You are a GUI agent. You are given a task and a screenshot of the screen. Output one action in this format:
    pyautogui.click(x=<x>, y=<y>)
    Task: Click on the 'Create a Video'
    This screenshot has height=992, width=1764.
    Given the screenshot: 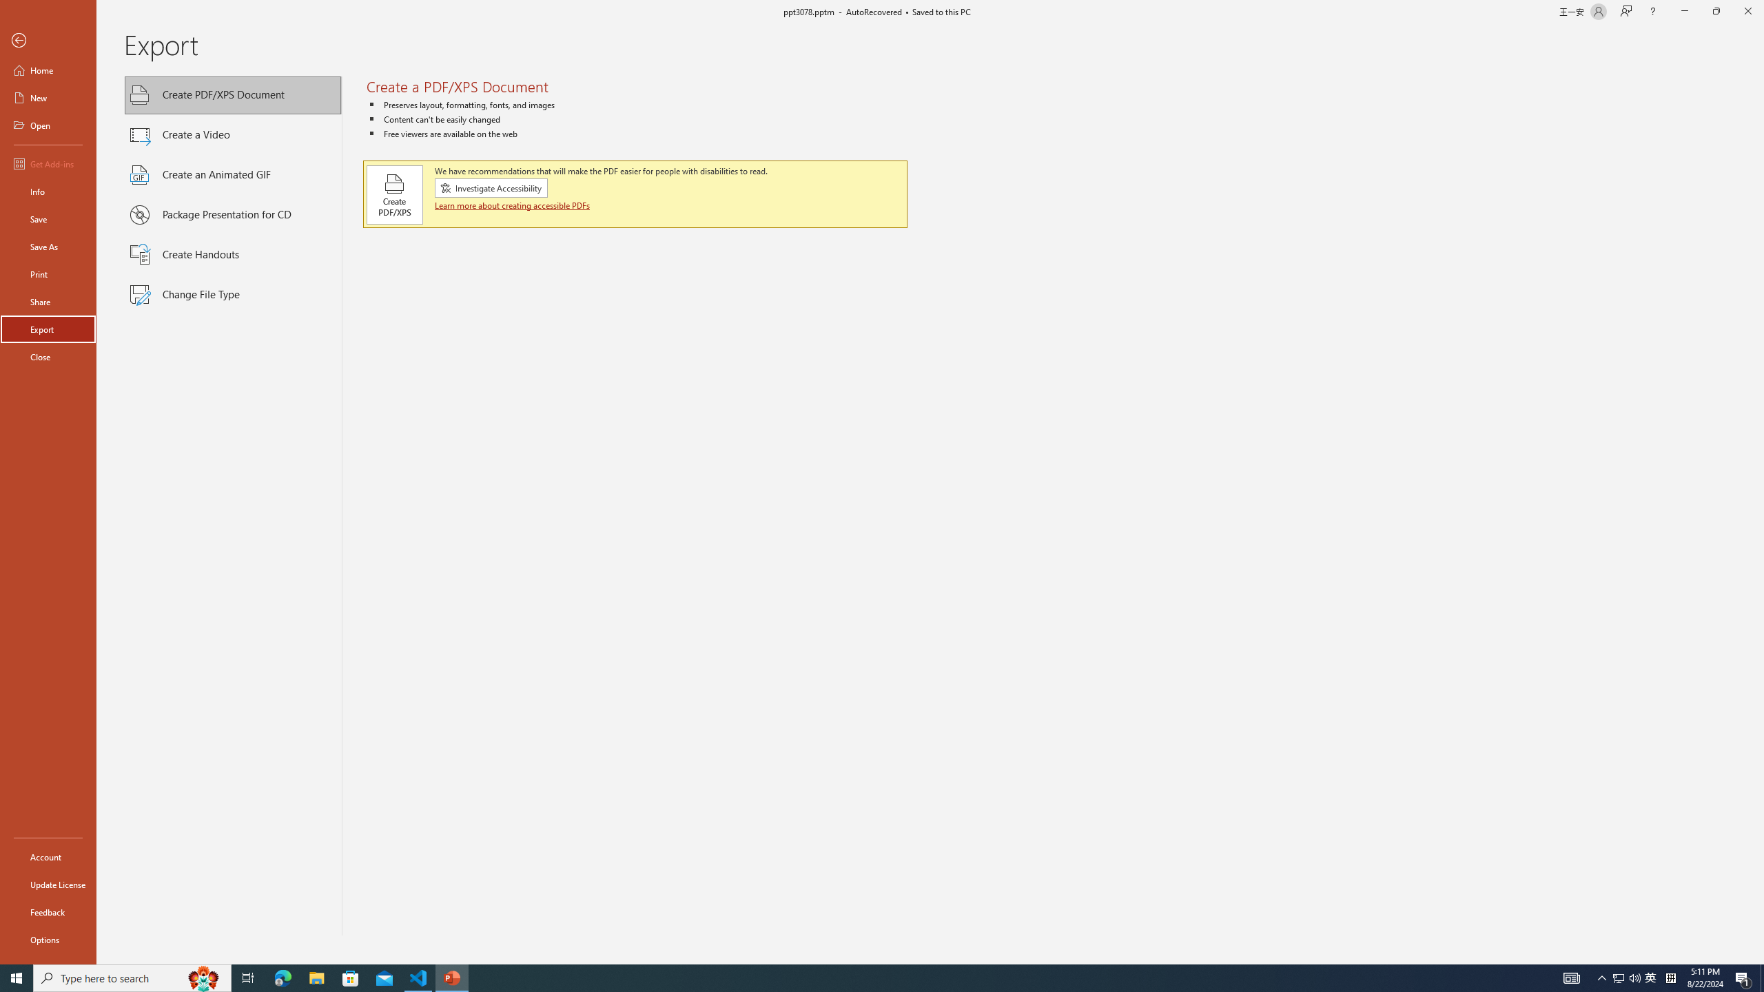 What is the action you would take?
    pyautogui.click(x=233, y=134)
    